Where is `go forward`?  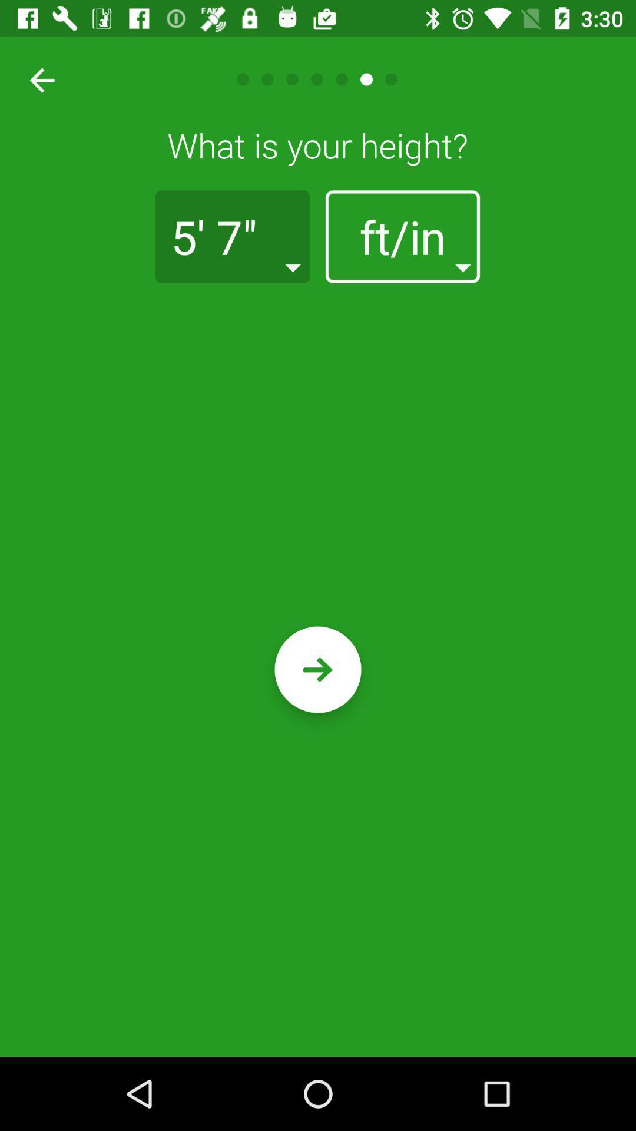
go forward is located at coordinates (318, 670).